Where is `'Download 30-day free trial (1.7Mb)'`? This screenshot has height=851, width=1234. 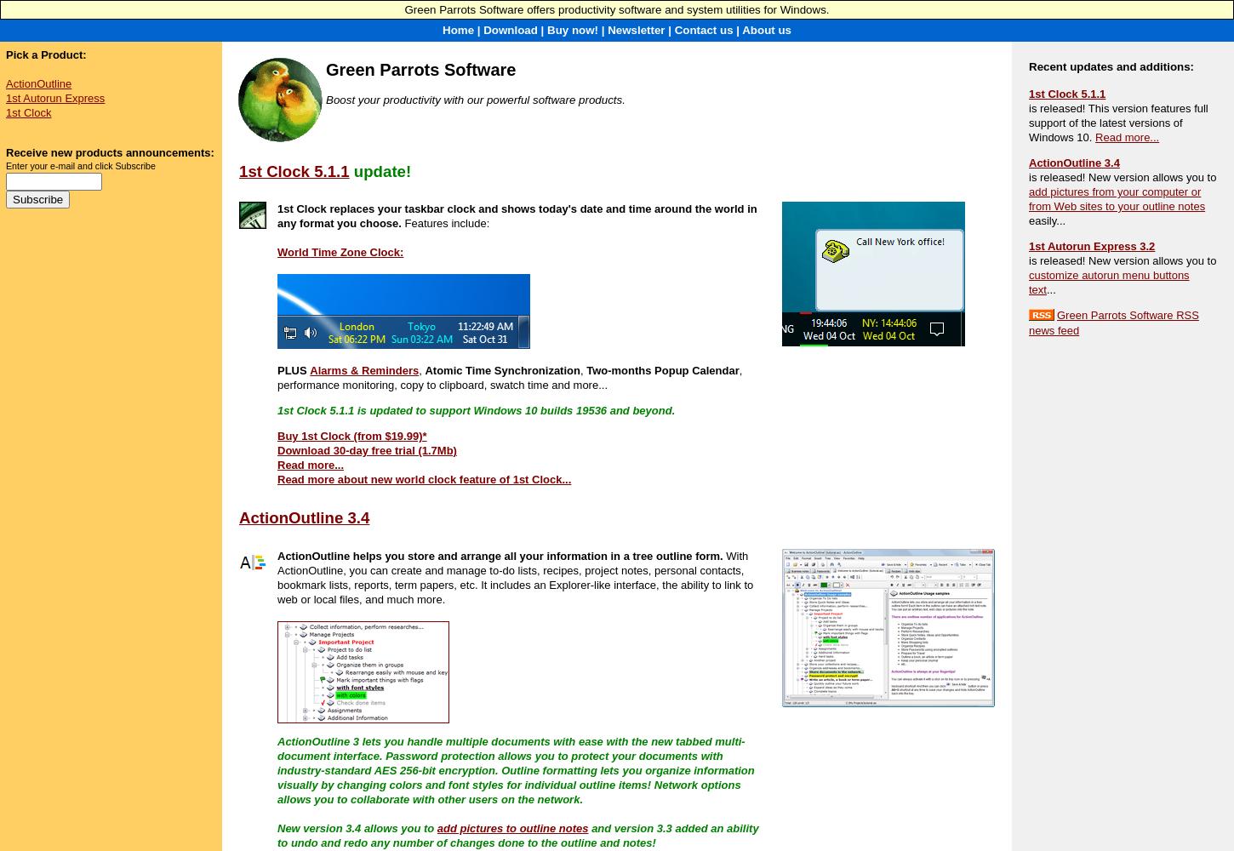
'Download 30-day free trial (1.7Mb)' is located at coordinates (365, 450).